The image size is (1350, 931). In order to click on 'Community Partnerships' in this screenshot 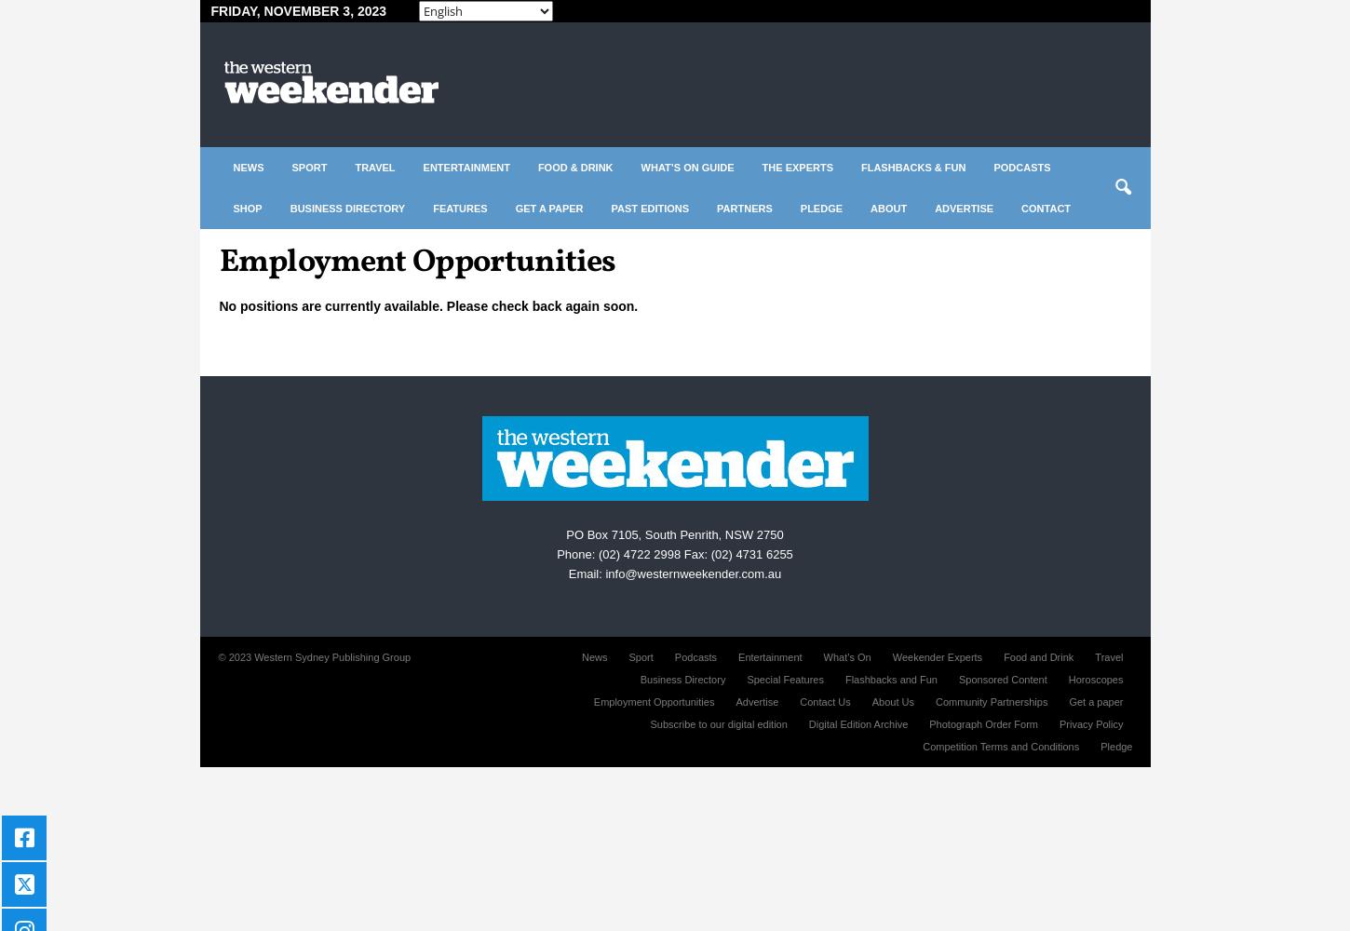, I will do `click(934, 702)`.